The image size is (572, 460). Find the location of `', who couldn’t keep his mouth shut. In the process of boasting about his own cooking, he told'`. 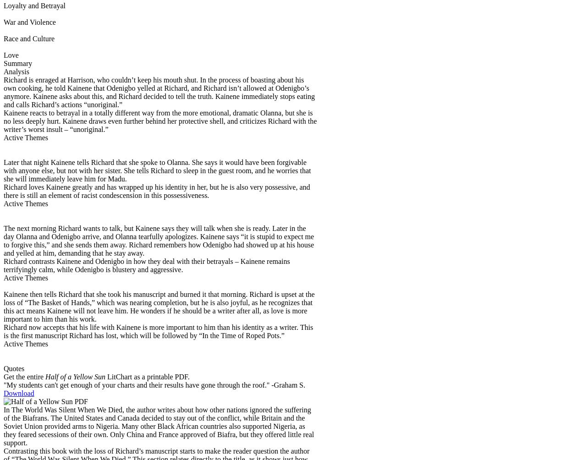

', who couldn’t keep his mouth shut. In the process of boasting about his own cooking, he told' is located at coordinates (154, 83).